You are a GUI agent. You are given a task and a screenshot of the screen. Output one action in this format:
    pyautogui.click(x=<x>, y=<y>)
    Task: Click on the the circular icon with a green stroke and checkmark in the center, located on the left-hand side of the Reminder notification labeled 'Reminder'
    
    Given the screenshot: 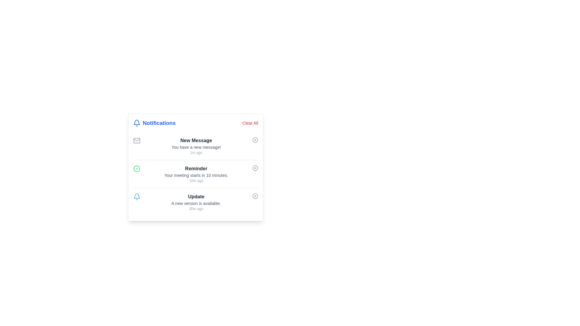 What is the action you would take?
    pyautogui.click(x=136, y=169)
    